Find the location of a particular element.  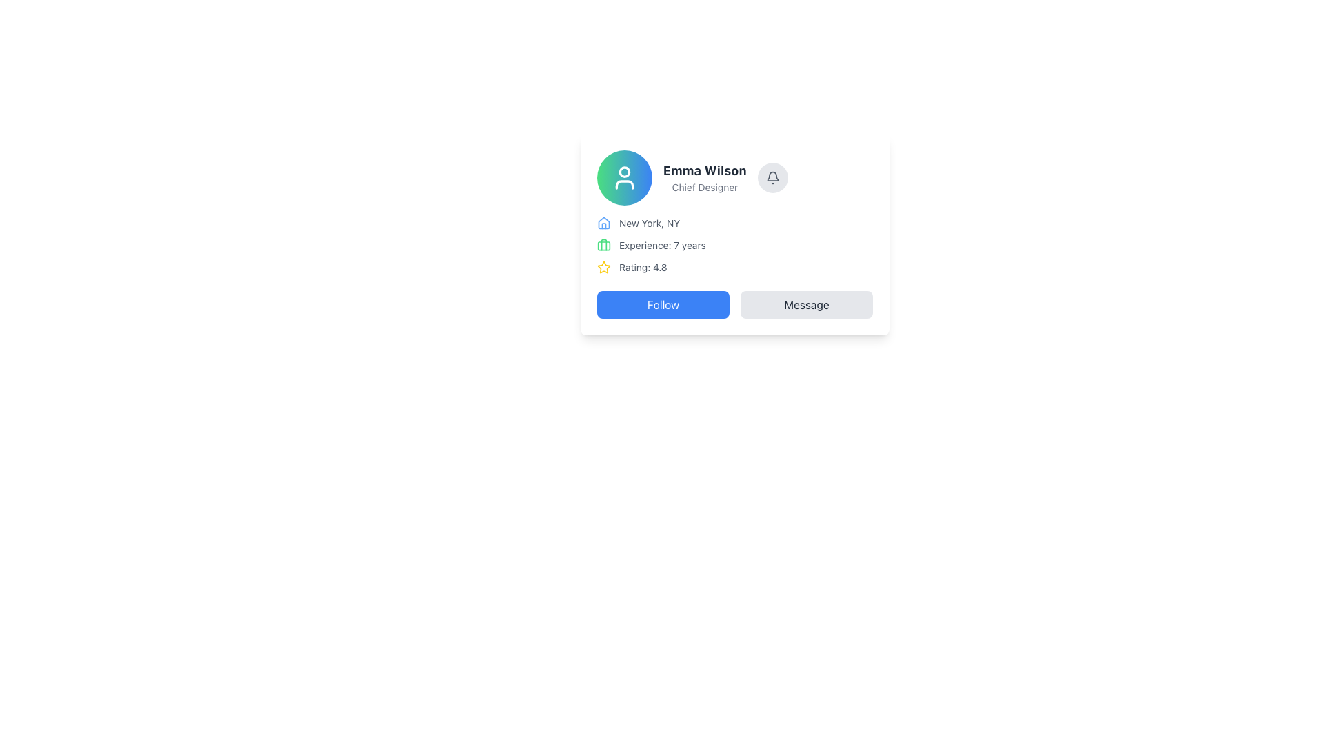

the Text Label that displays the location associated with the profile, positioned below the name and title in the profile card, to the right of a house icon is located at coordinates (649, 223).